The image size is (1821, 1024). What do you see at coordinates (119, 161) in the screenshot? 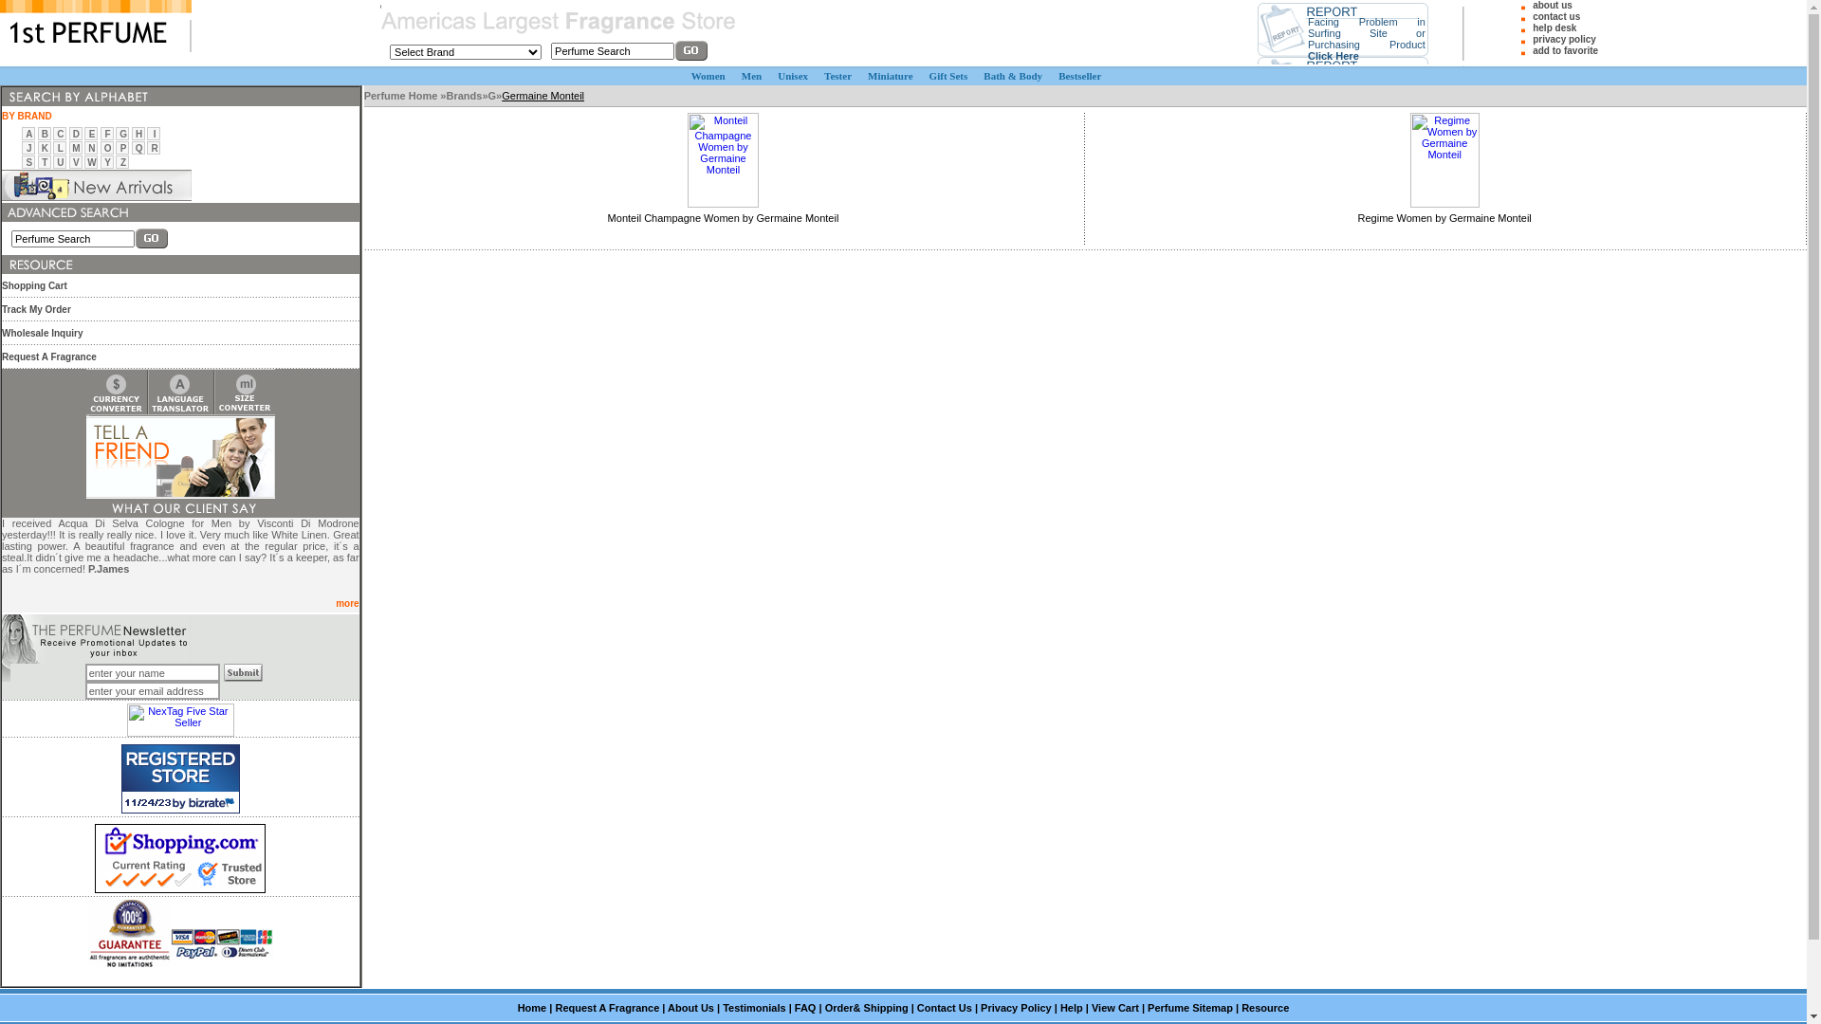
I see `'Z'` at bounding box center [119, 161].